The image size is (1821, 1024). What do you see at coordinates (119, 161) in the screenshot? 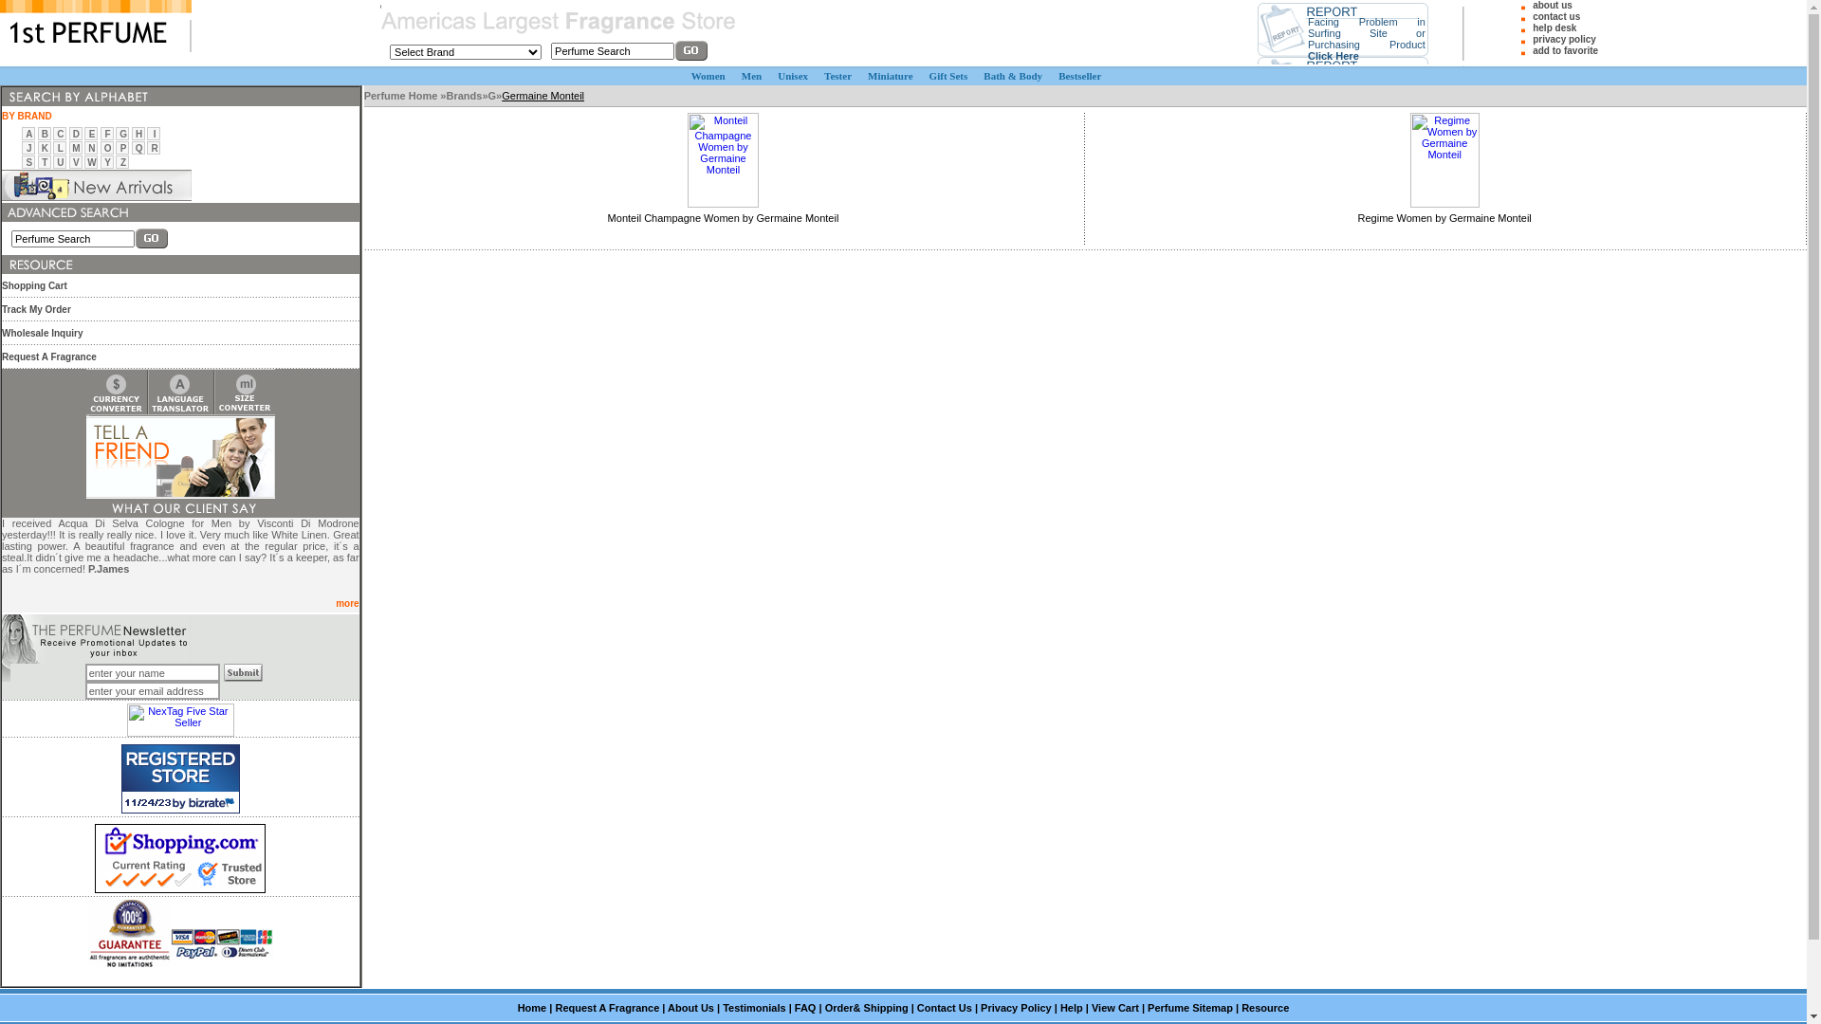
I see `'Z'` at bounding box center [119, 161].